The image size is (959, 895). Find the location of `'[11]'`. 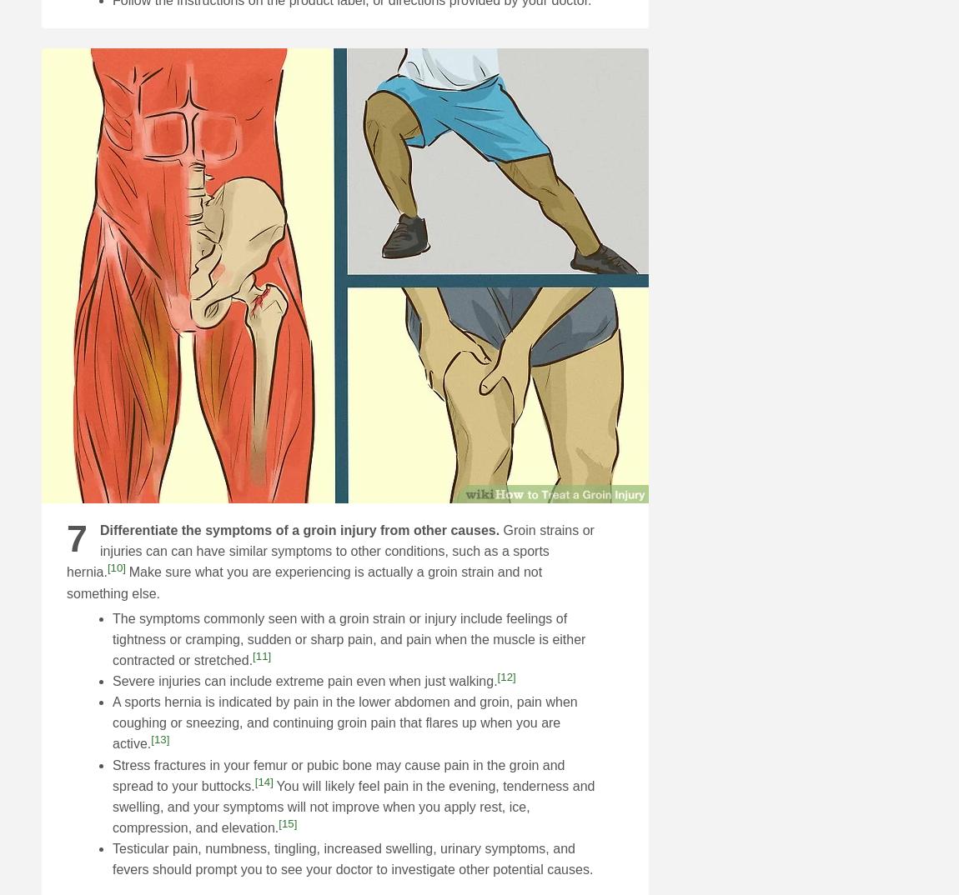

'[11]' is located at coordinates (261, 654).